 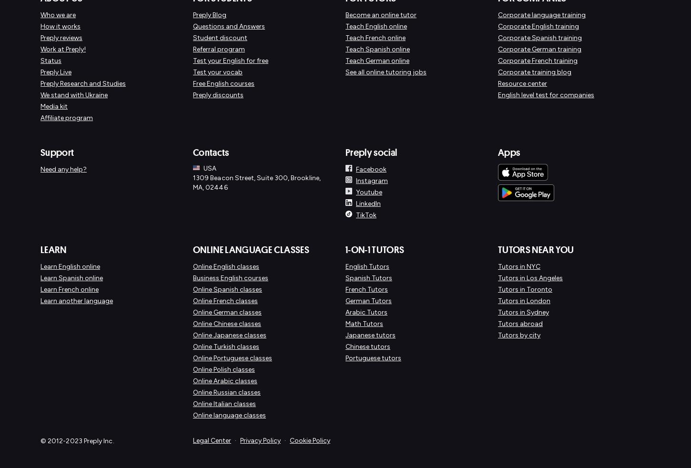 I want to click on 'ONLINE LANGUAGE CLASSES', so click(x=251, y=249).